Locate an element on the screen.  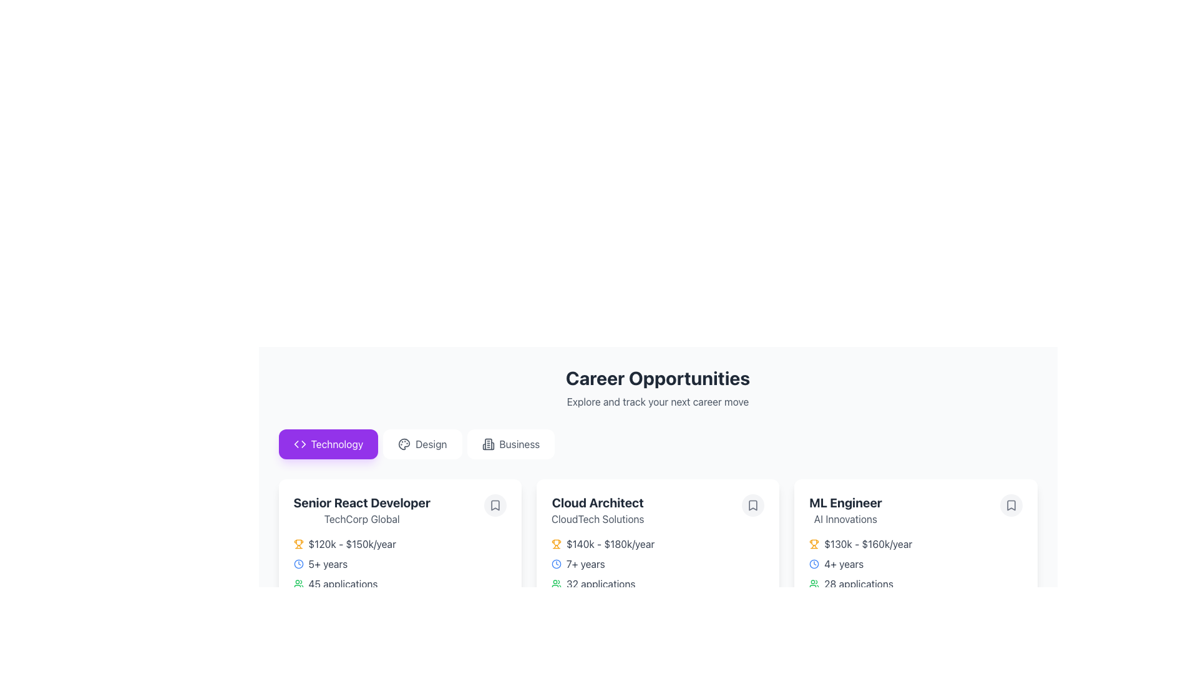
text label indicating the number of applications received for the job listing titled 'ML Engineer', located at the bottom of the job listing card and to the right of a green user icon is located at coordinates (858, 584).